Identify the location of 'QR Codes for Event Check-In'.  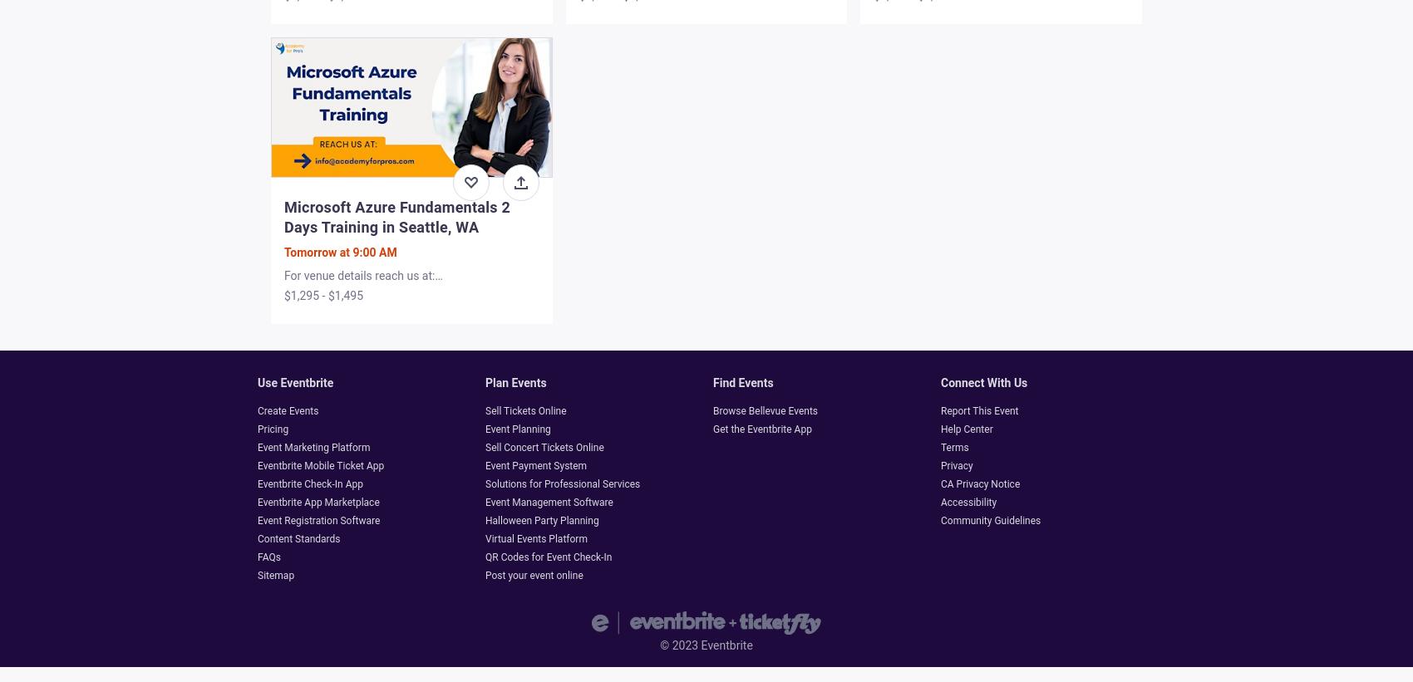
(548, 557).